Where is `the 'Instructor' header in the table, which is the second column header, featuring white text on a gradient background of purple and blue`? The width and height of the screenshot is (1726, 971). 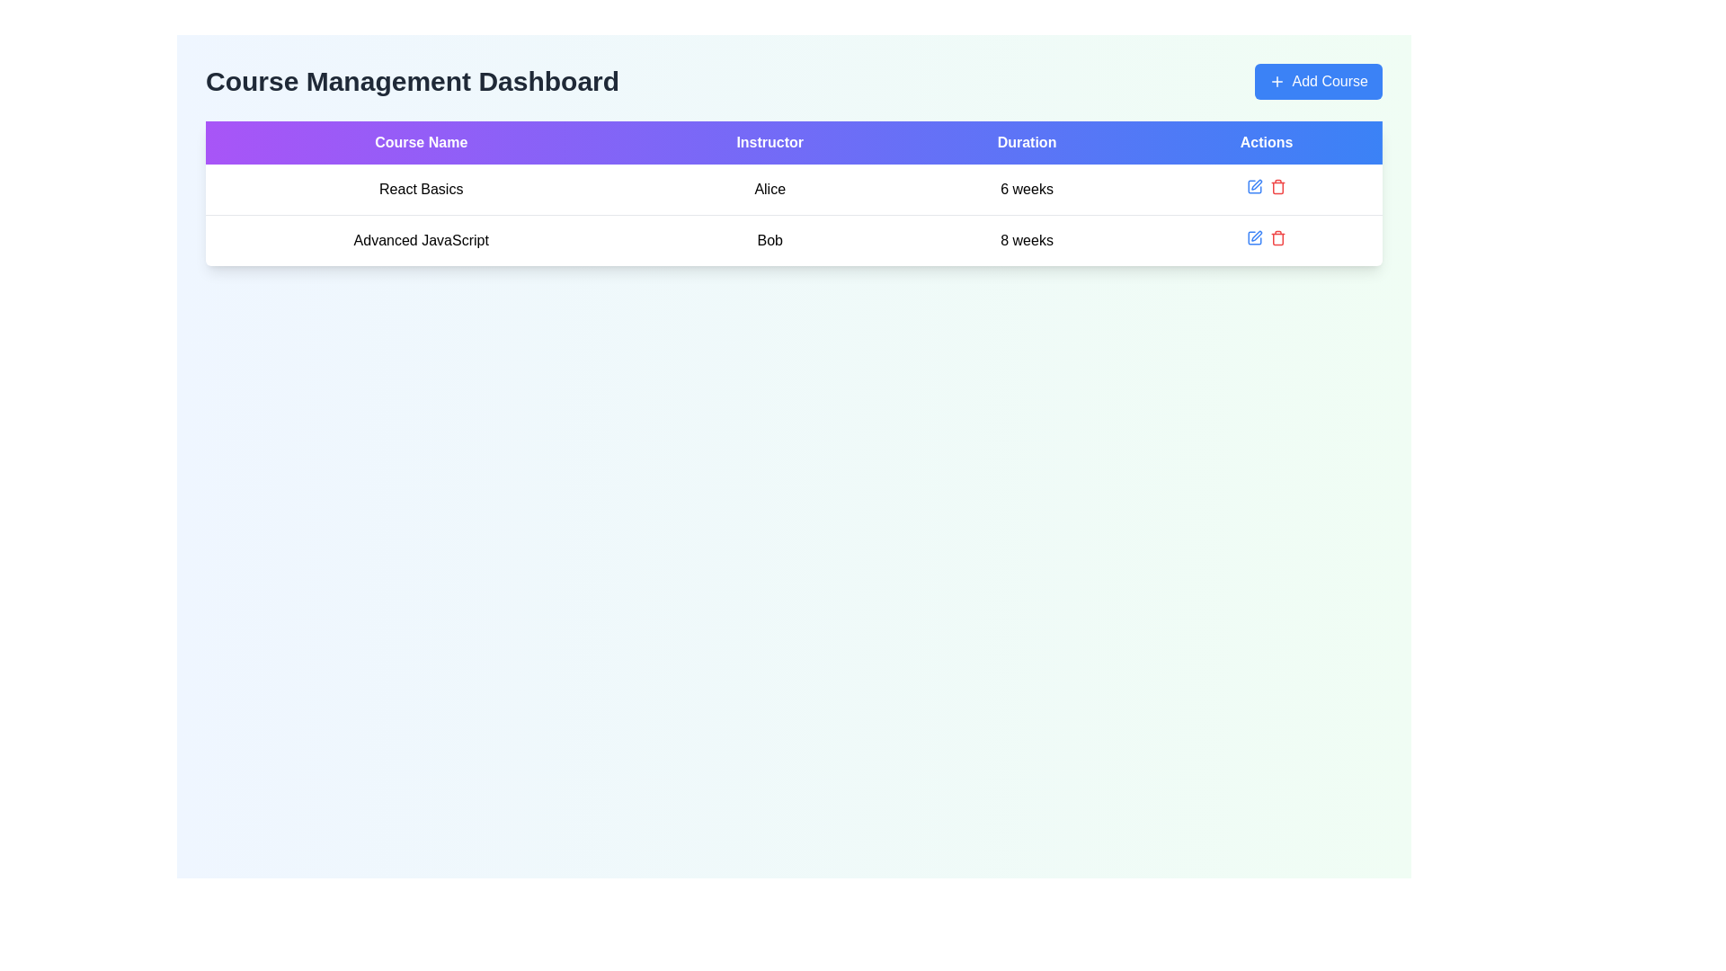
the 'Instructor' header in the table, which is the second column header, featuring white text on a gradient background of purple and blue is located at coordinates (770, 141).